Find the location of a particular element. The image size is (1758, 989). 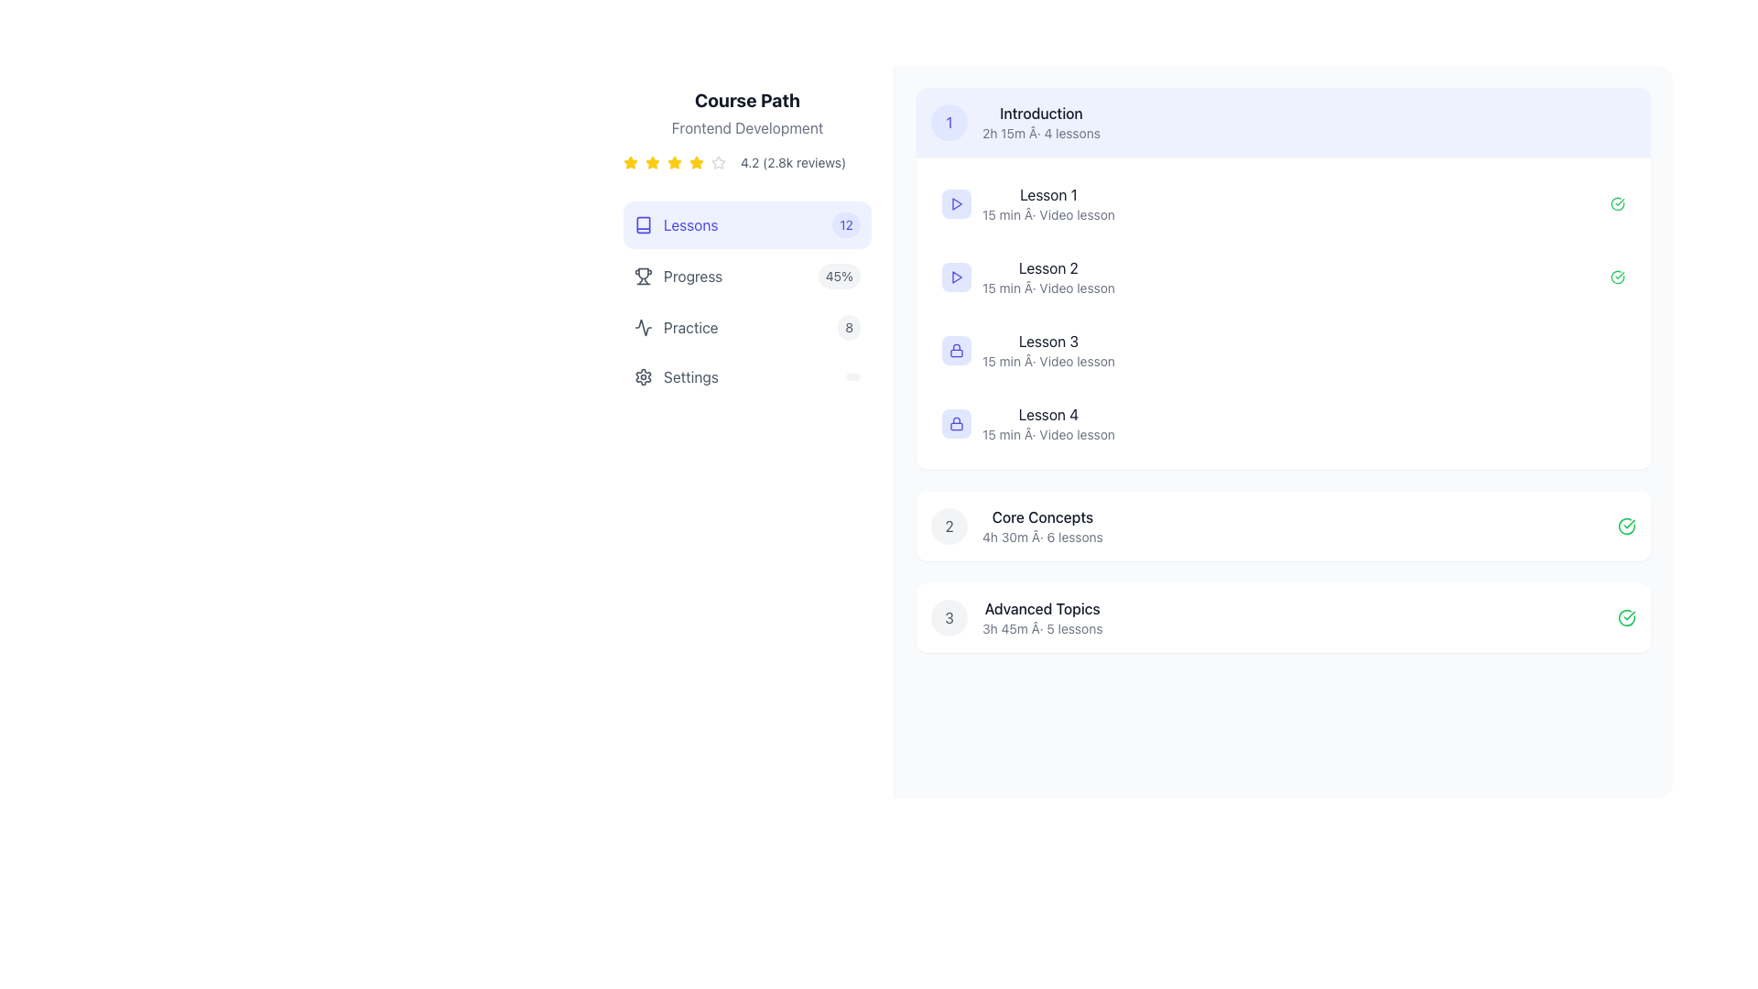

the List item for 'Lesson 3', which provides information about its duration and format is located at coordinates (1028, 350).